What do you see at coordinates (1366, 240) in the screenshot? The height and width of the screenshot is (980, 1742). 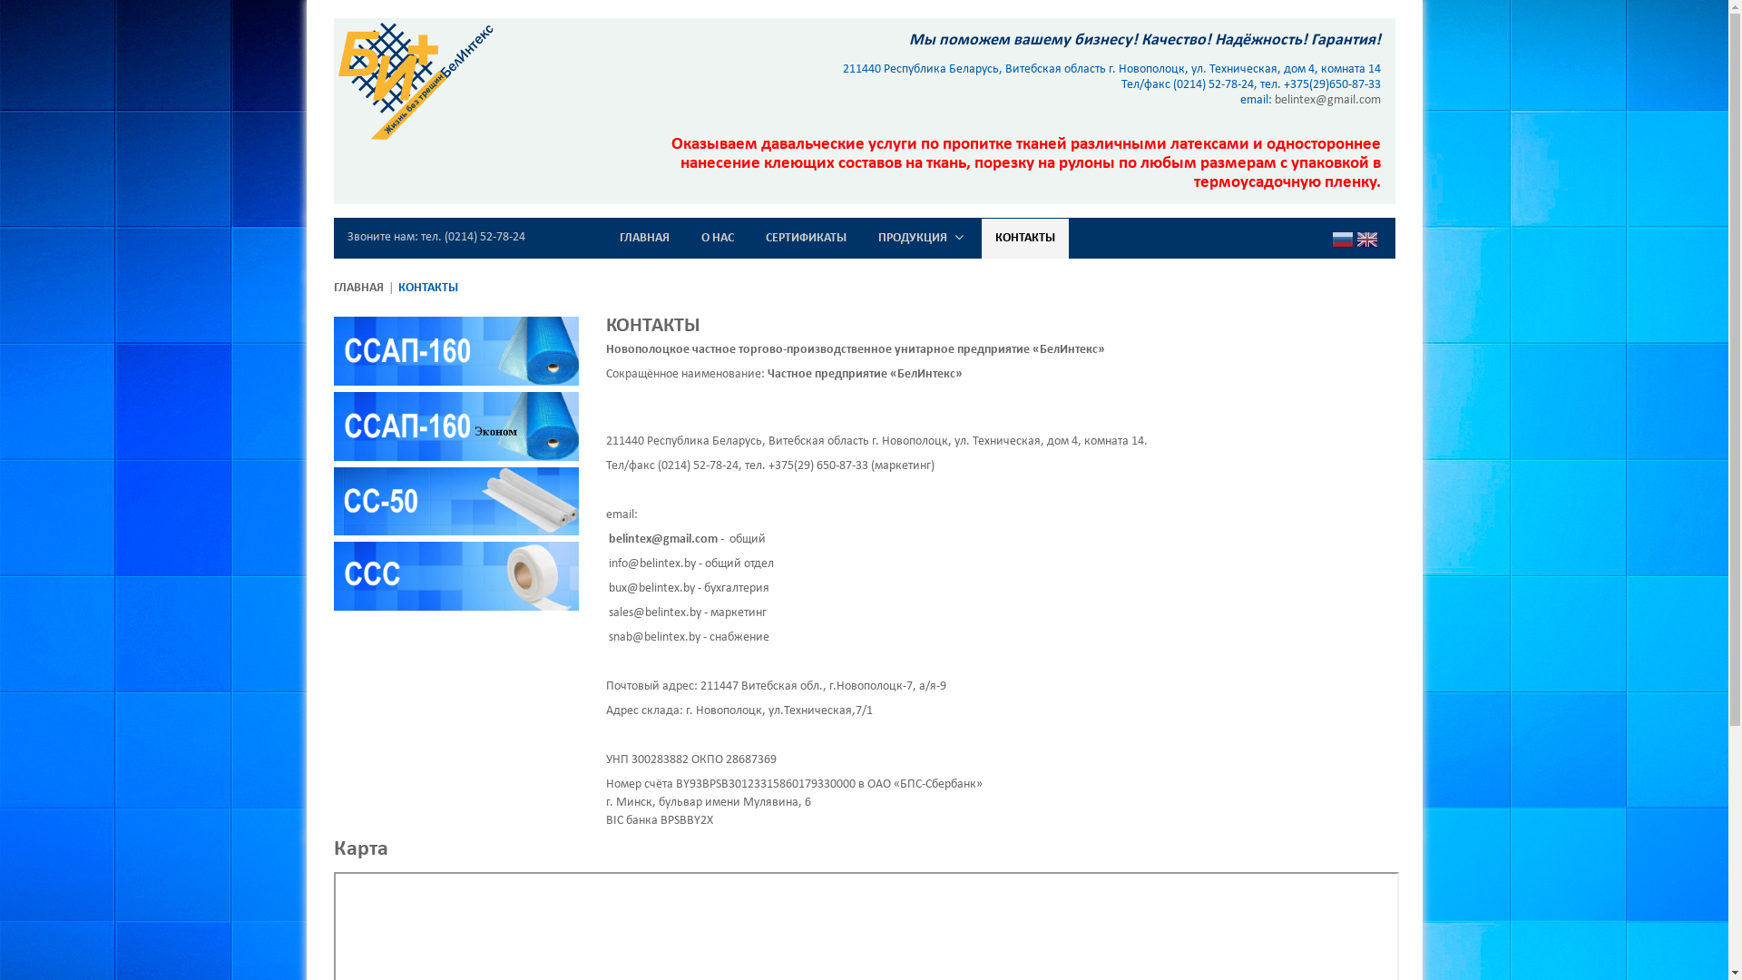 I see `'English'` at bounding box center [1366, 240].